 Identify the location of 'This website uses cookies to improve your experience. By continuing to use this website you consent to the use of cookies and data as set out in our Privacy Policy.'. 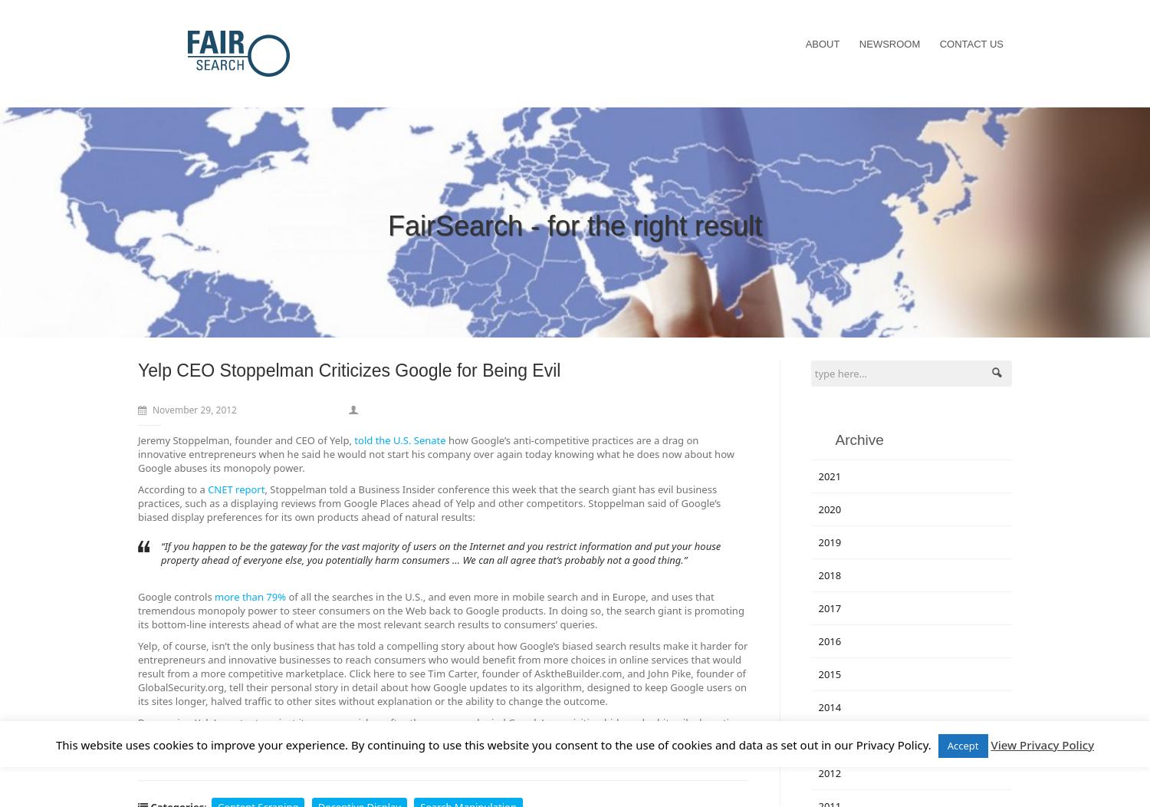
(495, 744).